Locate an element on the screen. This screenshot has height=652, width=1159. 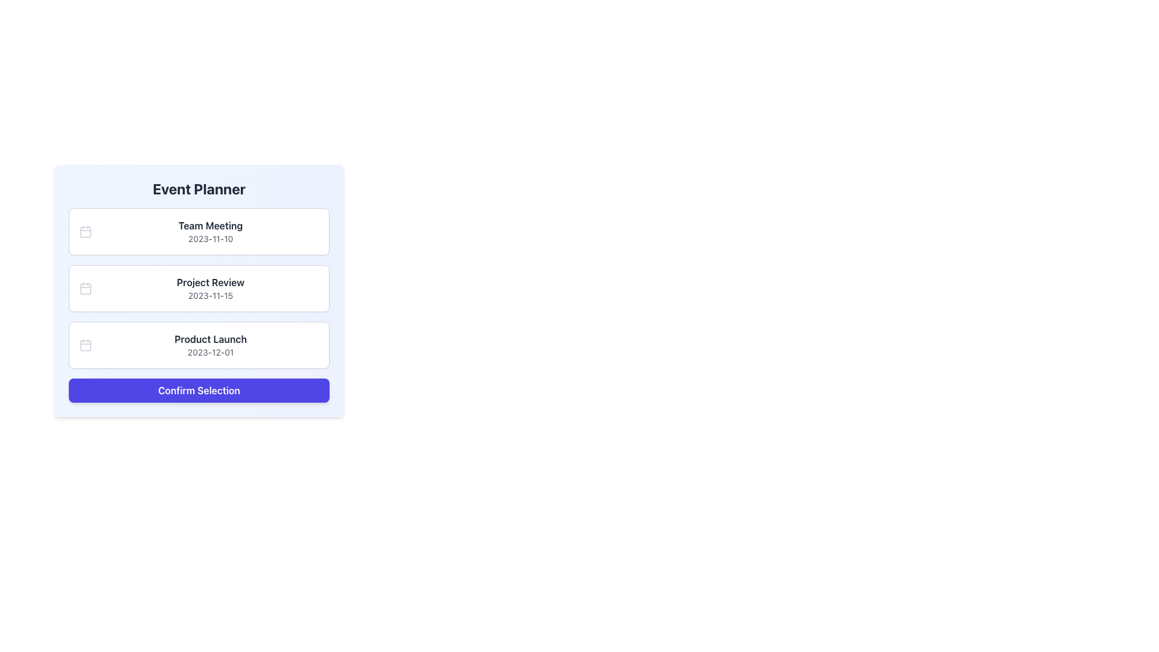
the main text content of the second row within the list of events in the 'Event Planner' interface, which displays descriptive information about an event is located at coordinates (211, 289).